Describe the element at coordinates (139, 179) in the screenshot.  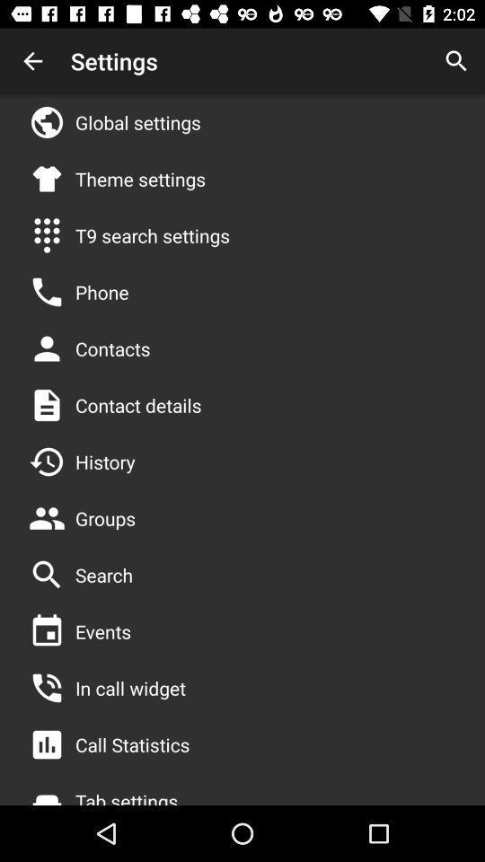
I see `theme settings app` at that location.